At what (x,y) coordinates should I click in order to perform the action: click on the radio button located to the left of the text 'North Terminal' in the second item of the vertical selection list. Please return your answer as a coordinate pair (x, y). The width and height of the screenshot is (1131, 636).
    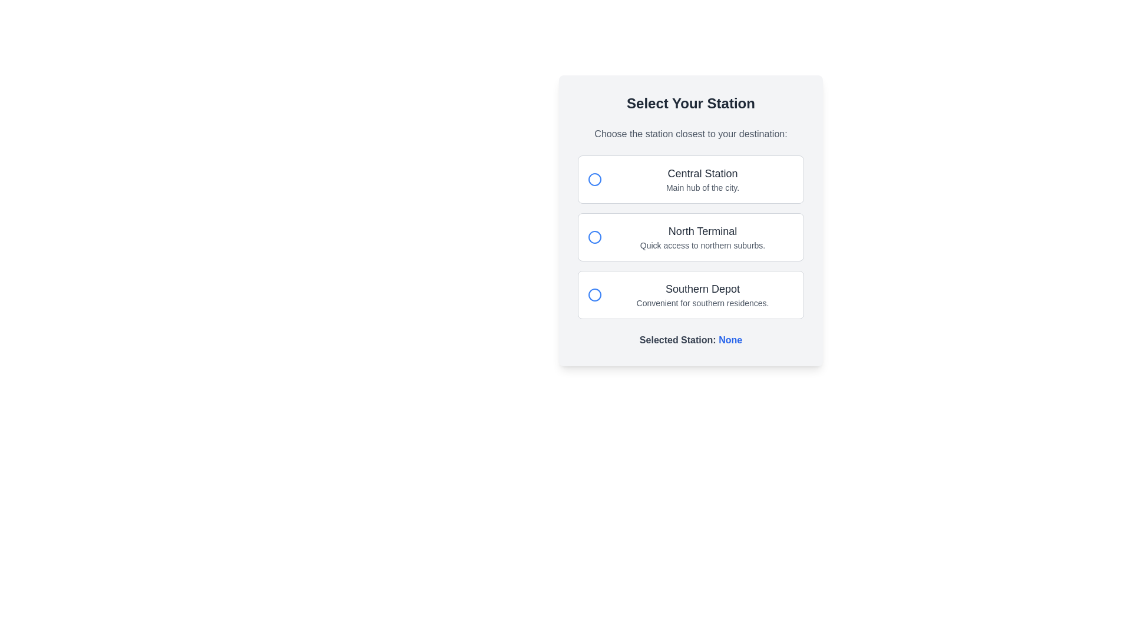
    Looking at the image, I should click on (594, 237).